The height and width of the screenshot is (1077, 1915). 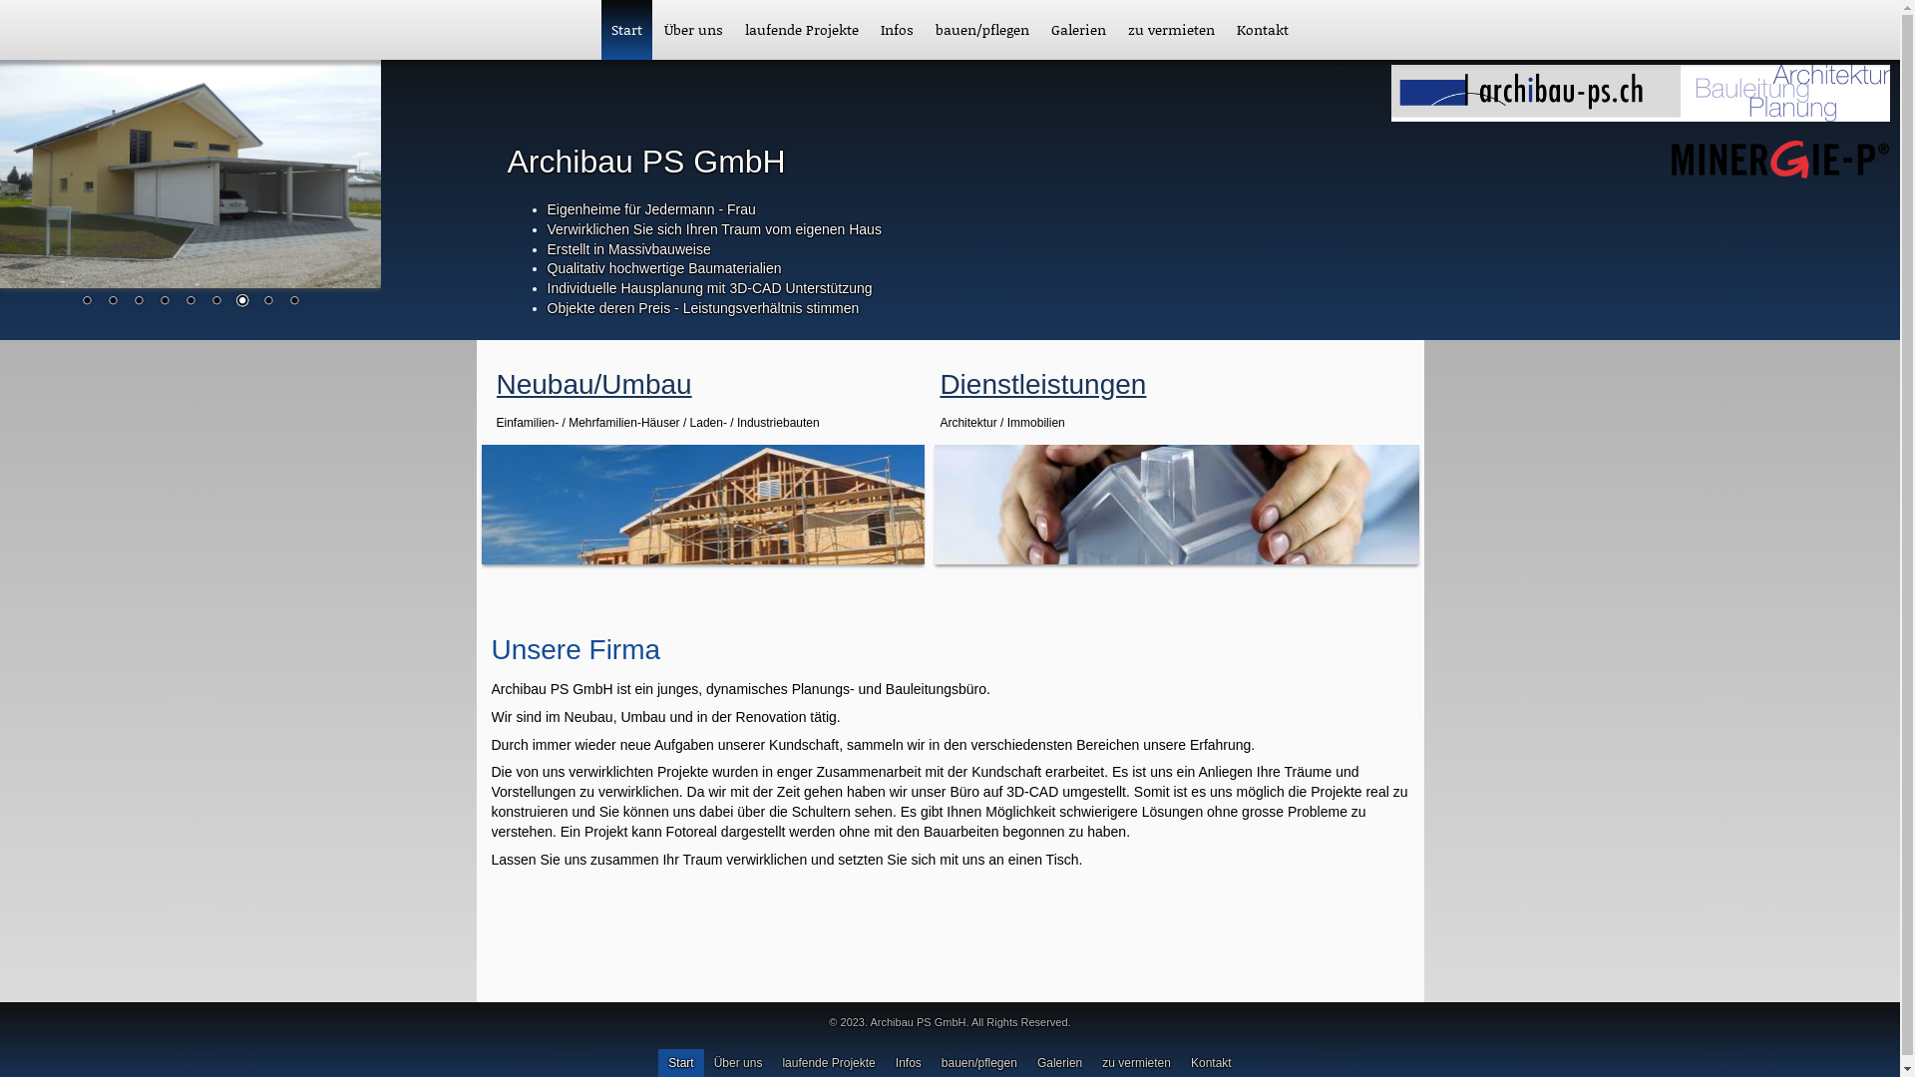 I want to click on 'Start', so click(x=625, y=30).